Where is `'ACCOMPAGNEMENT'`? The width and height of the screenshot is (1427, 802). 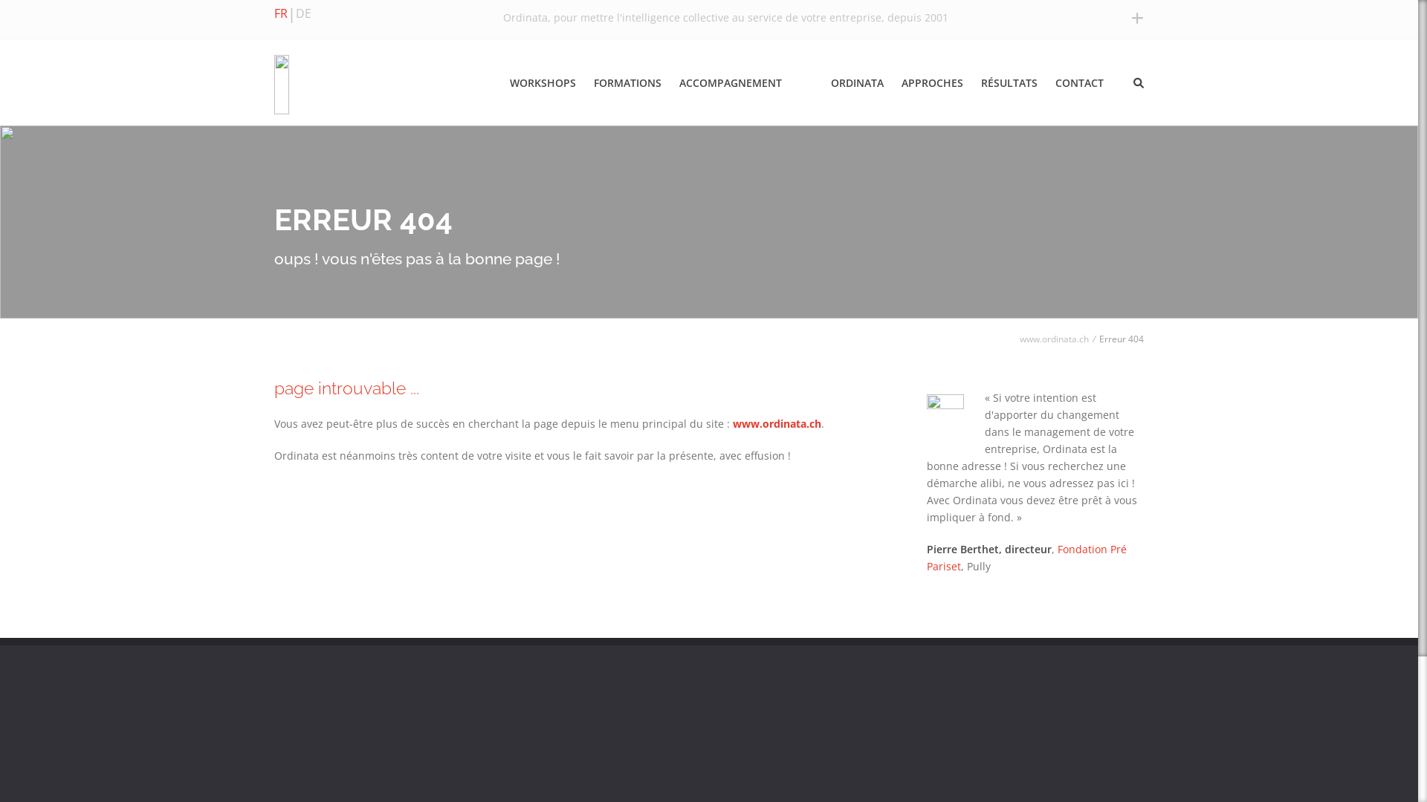 'ACCOMPAGNEMENT' is located at coordinates (673, 82).